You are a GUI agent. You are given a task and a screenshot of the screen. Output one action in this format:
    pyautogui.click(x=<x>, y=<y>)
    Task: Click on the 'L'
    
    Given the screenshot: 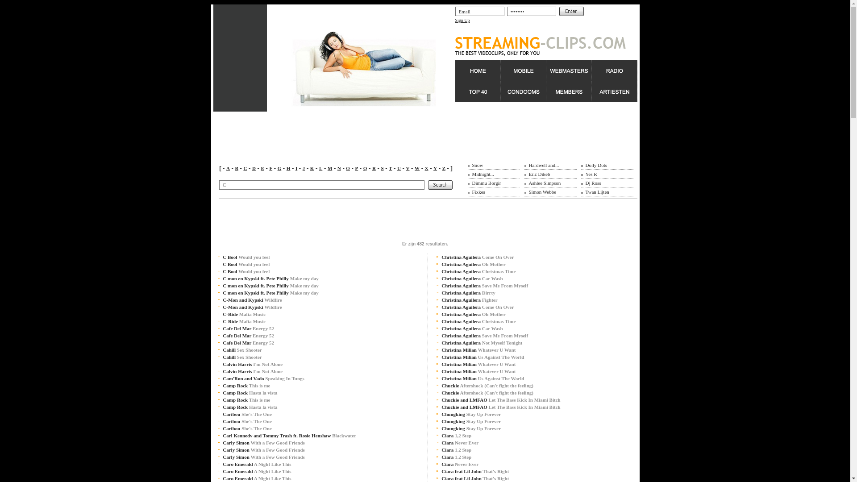 What is the action you would take?
    pyautogui.click(x=320, y=168)
    